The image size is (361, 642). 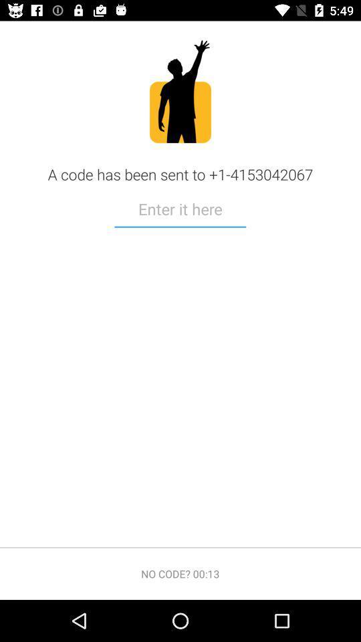 I want to click on the item below the a code has, so click(x=180, y=211).